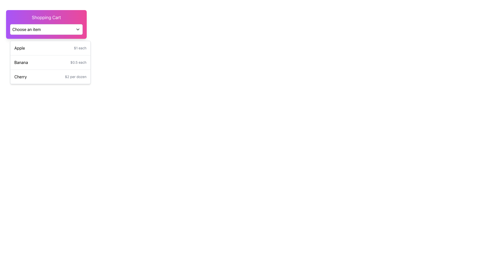  Describe the element at coordinates (75, 77) in the screenshot. I see `the static text label displaying '$2 per dozen' located next to 'Cherry' in the 'Shopping Cart' section` at that location.